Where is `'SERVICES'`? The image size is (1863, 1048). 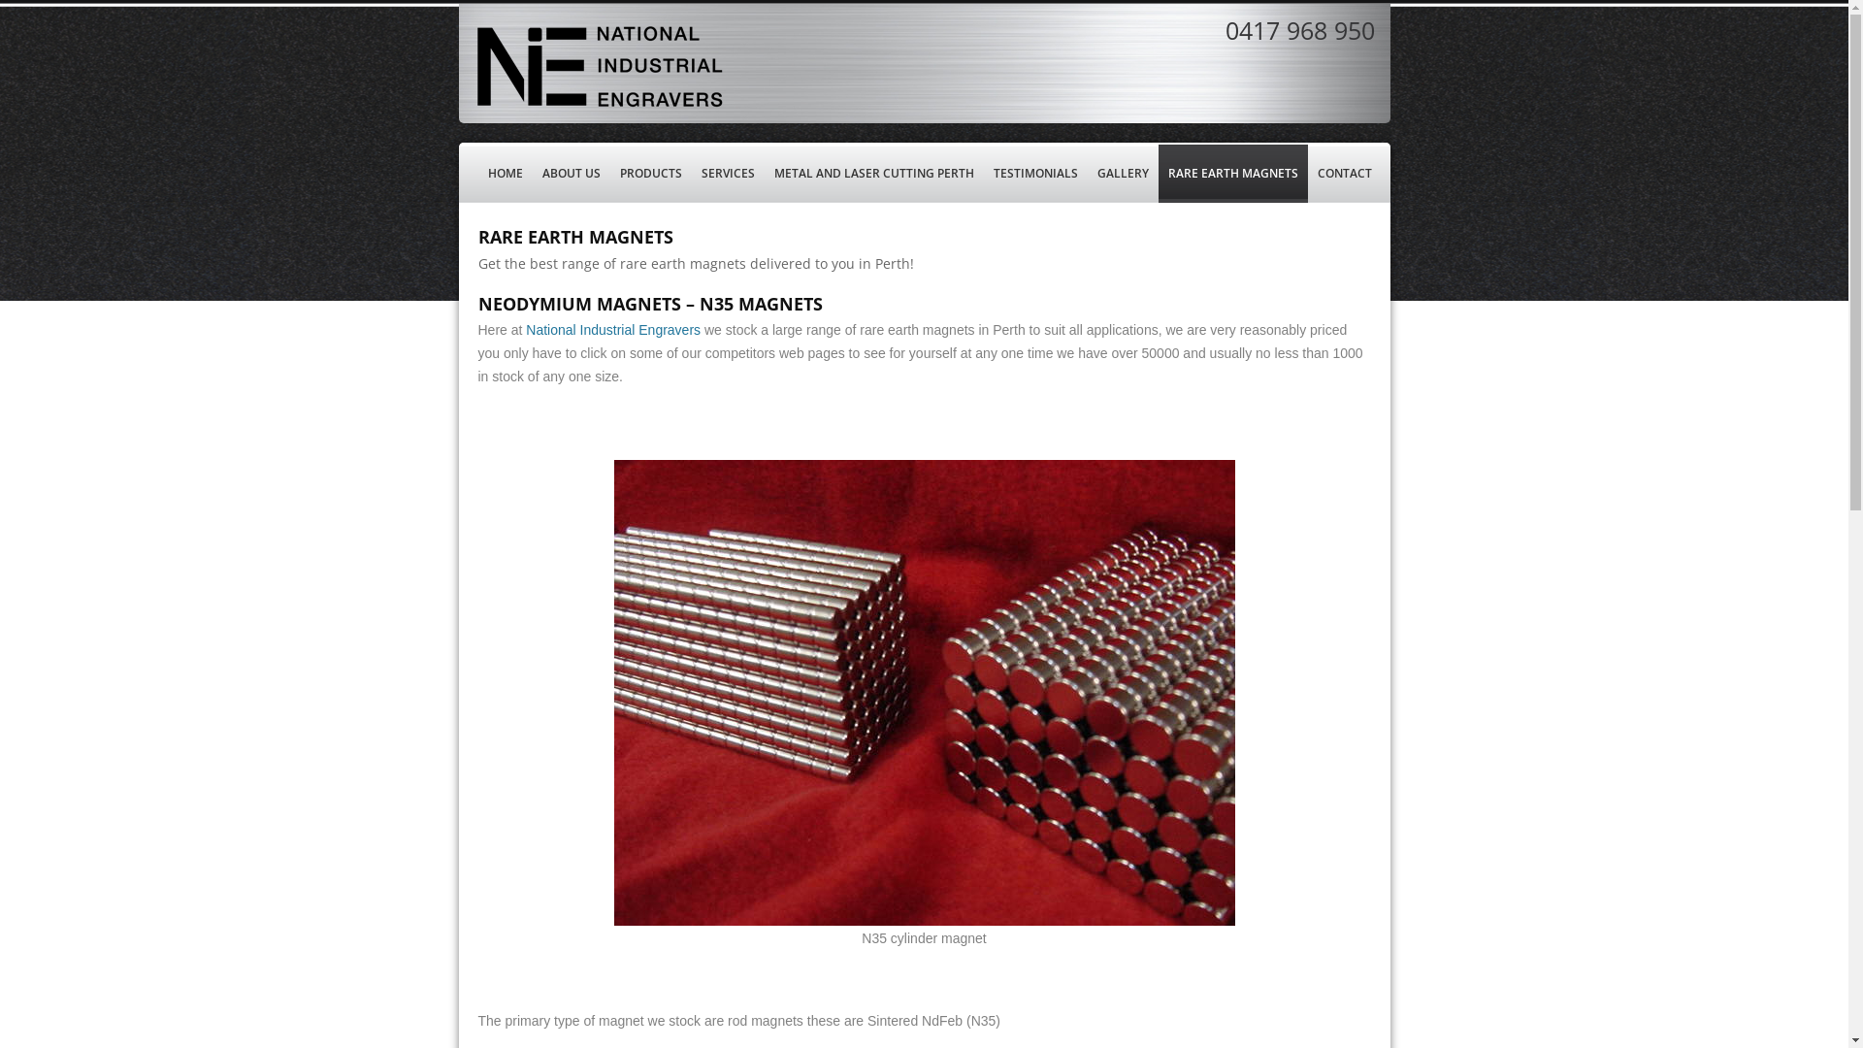 'SERVICES' is located at coordinates (726, 172).